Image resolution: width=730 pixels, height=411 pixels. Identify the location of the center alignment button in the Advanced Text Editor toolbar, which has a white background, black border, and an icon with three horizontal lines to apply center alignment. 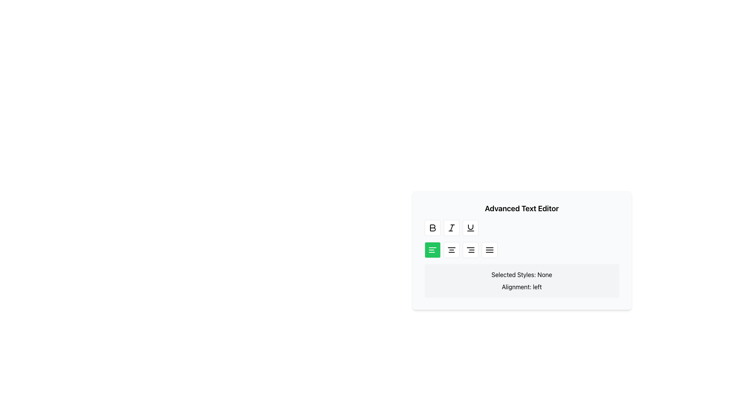
(451, 250).